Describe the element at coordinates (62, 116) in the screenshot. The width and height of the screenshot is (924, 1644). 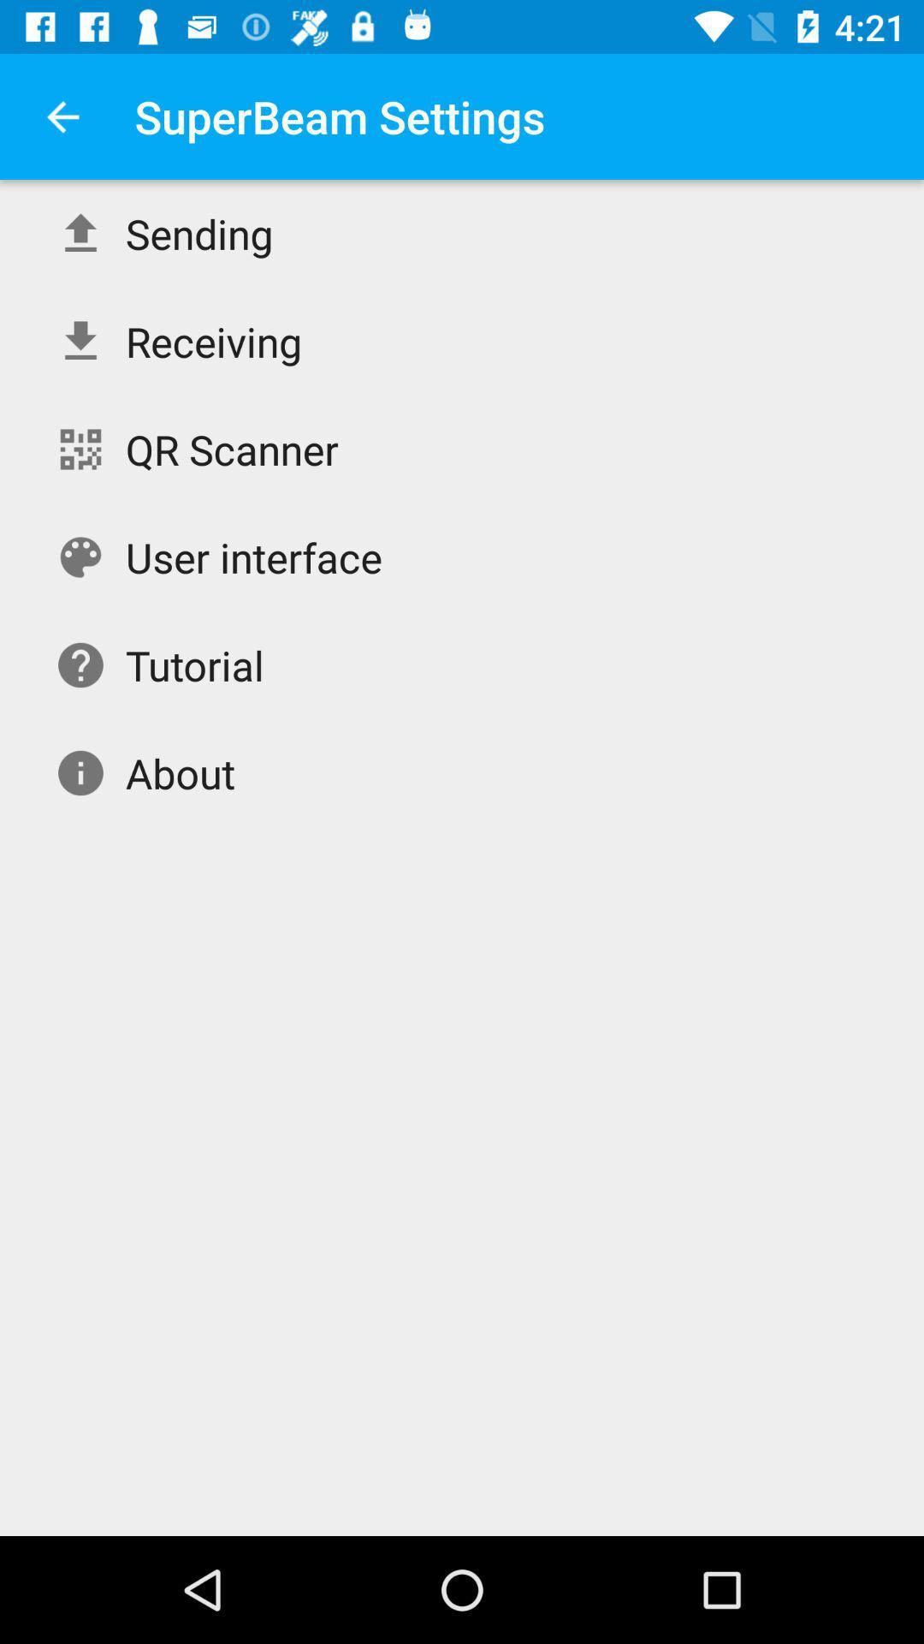
I see `item to the left of superbeam settings` at that location.